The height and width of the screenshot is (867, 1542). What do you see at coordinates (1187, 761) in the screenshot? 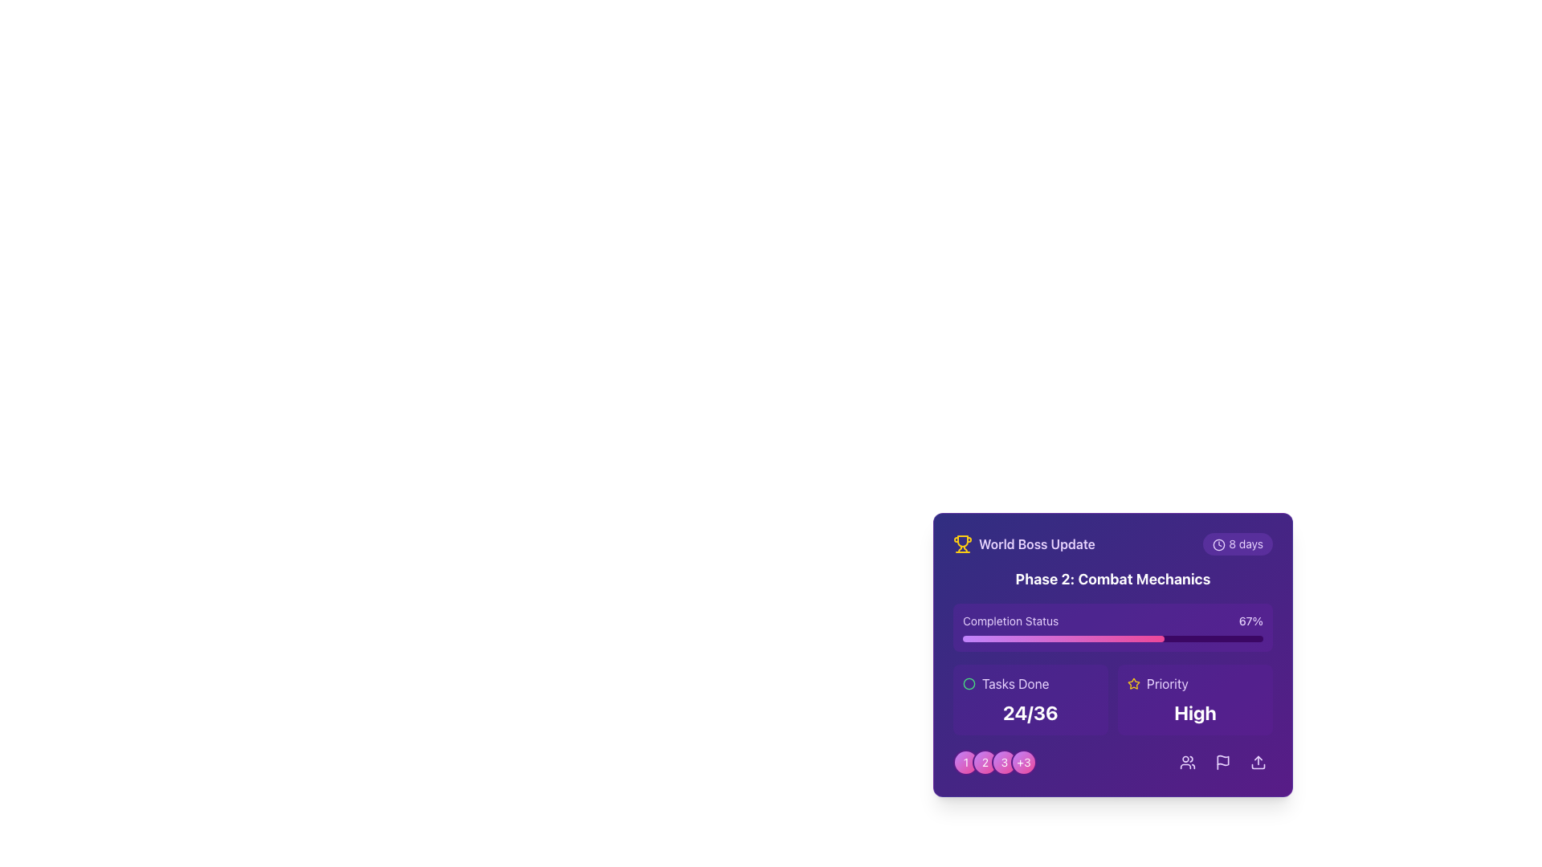
I see `the rounded rectangular button with a purple background featuring a minimalist icon of two outlined figures, located at the bottom-right corner of the card` at bounding box center [1187, 761].